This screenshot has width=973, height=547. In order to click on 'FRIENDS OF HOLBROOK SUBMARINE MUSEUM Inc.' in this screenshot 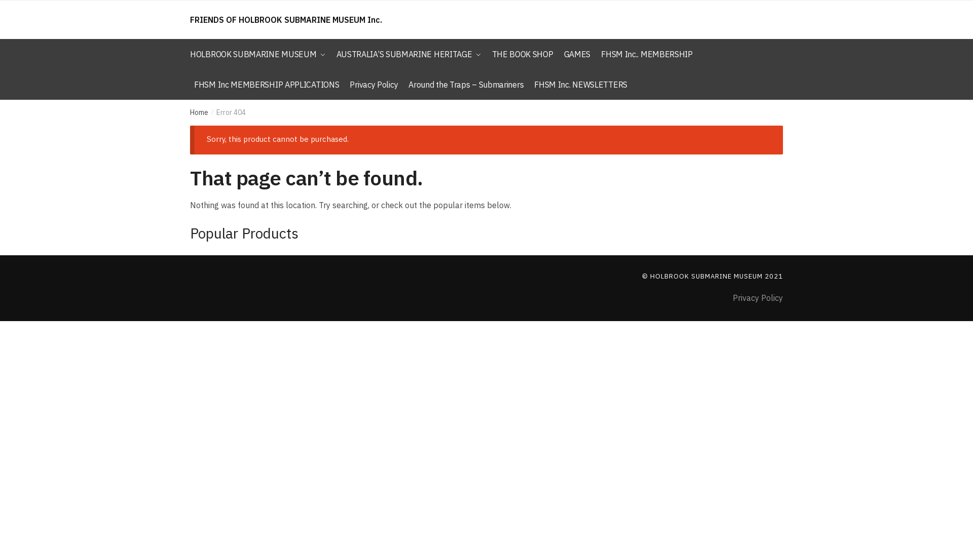, I will do `click(285, 19)`.